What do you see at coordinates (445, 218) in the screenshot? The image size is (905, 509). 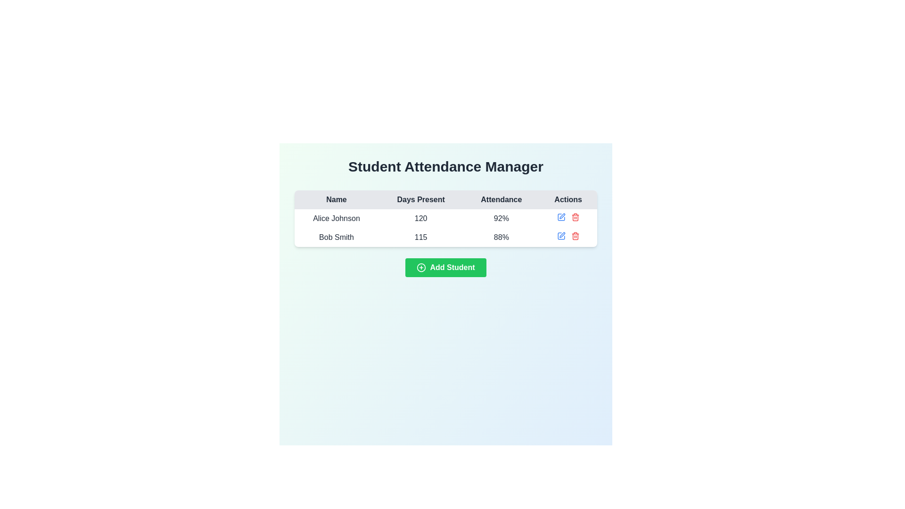 I see `the individual components of the first row in the Student Attendance Manager table, which includes the texts 'Alice Johnson', '120', and '92%'` at bounding box center [445, 218].